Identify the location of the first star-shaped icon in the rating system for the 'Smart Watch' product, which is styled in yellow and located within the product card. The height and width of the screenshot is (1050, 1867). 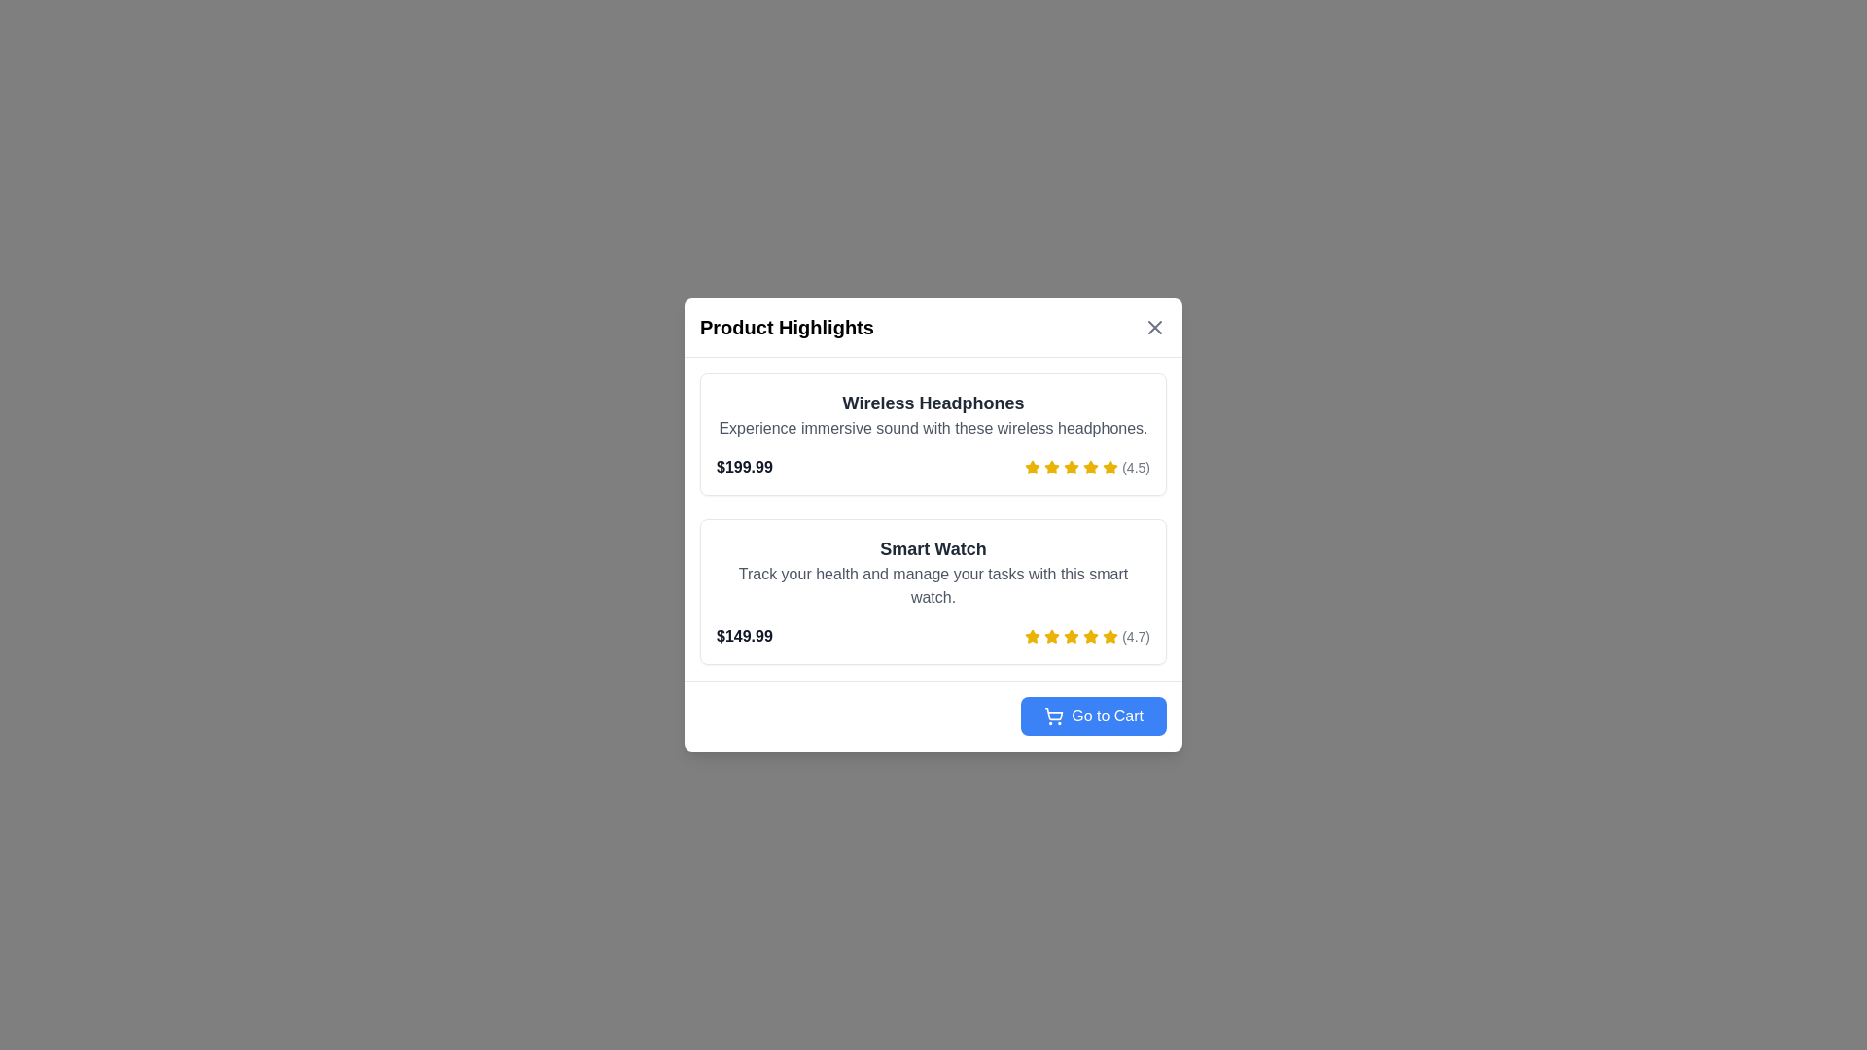
(1032, 637).